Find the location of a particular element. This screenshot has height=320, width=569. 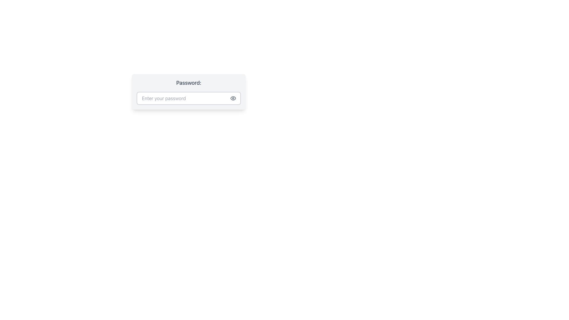

the circular eye icon button is located at coordinates (233, 98).